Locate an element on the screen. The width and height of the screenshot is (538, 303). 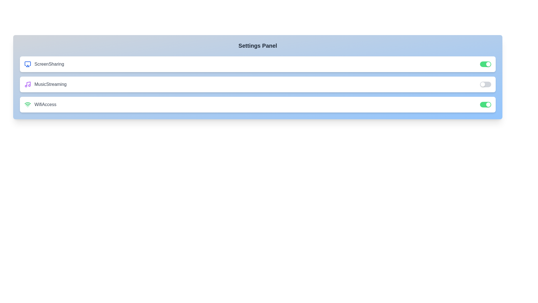
the setting wifiAccess to view its hover effect is located at coordinates (258, 105).